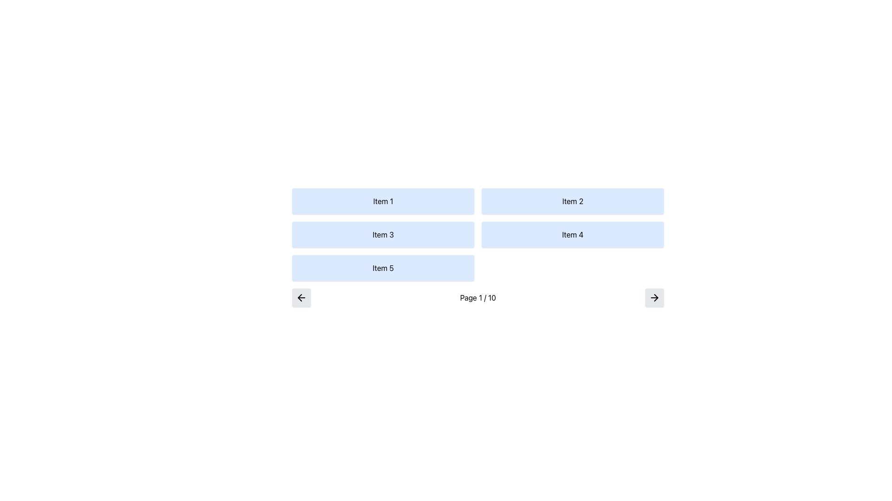  What do you see at coordinates (301, 297) in the screenshot?
I see `the navigation button located at the far left of the navigation bar at the bottom of the page to change its background color` at bounding box center [301, 297].